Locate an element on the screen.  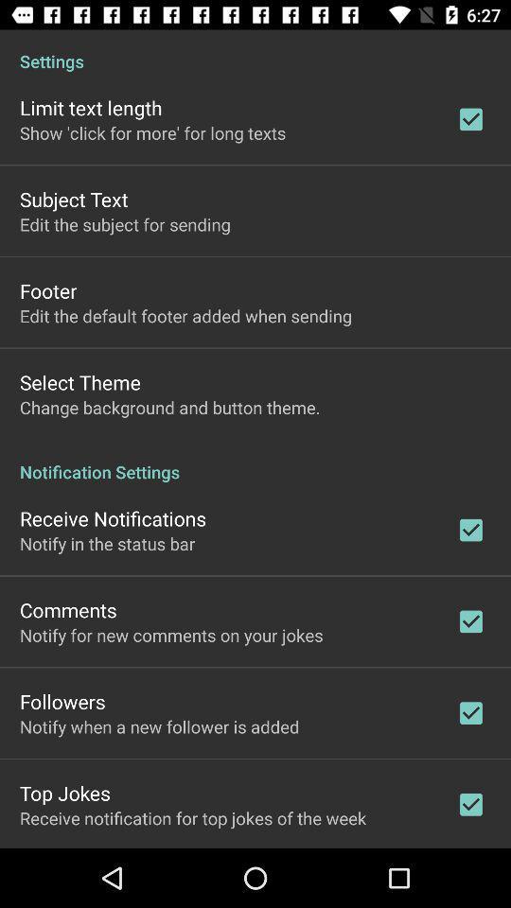
the subject text app is located at coordinates (73, 199).